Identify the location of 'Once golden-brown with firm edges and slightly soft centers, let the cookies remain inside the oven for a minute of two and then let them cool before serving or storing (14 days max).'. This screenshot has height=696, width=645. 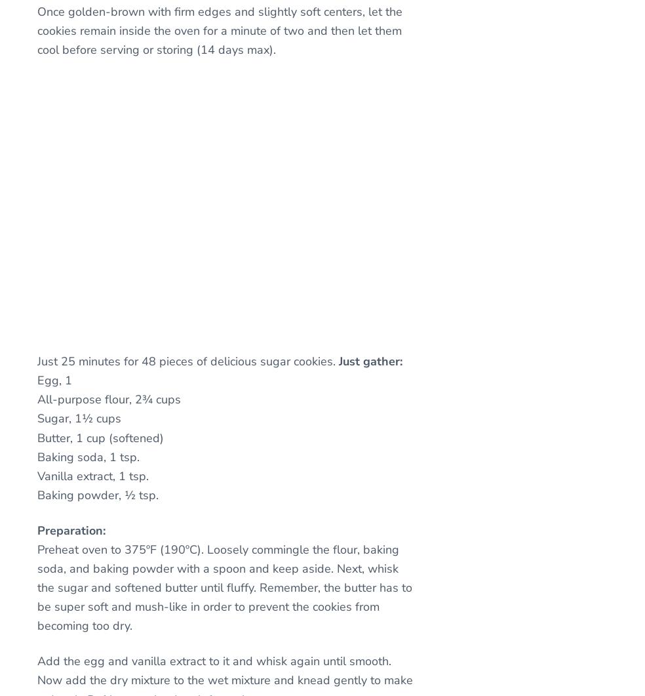
(36, 31).